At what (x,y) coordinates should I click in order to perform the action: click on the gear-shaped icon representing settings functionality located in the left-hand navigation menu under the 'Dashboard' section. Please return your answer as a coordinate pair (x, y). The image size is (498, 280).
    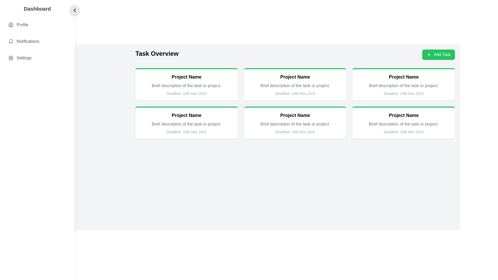
    Looking at the image, I should click on (11, 58).